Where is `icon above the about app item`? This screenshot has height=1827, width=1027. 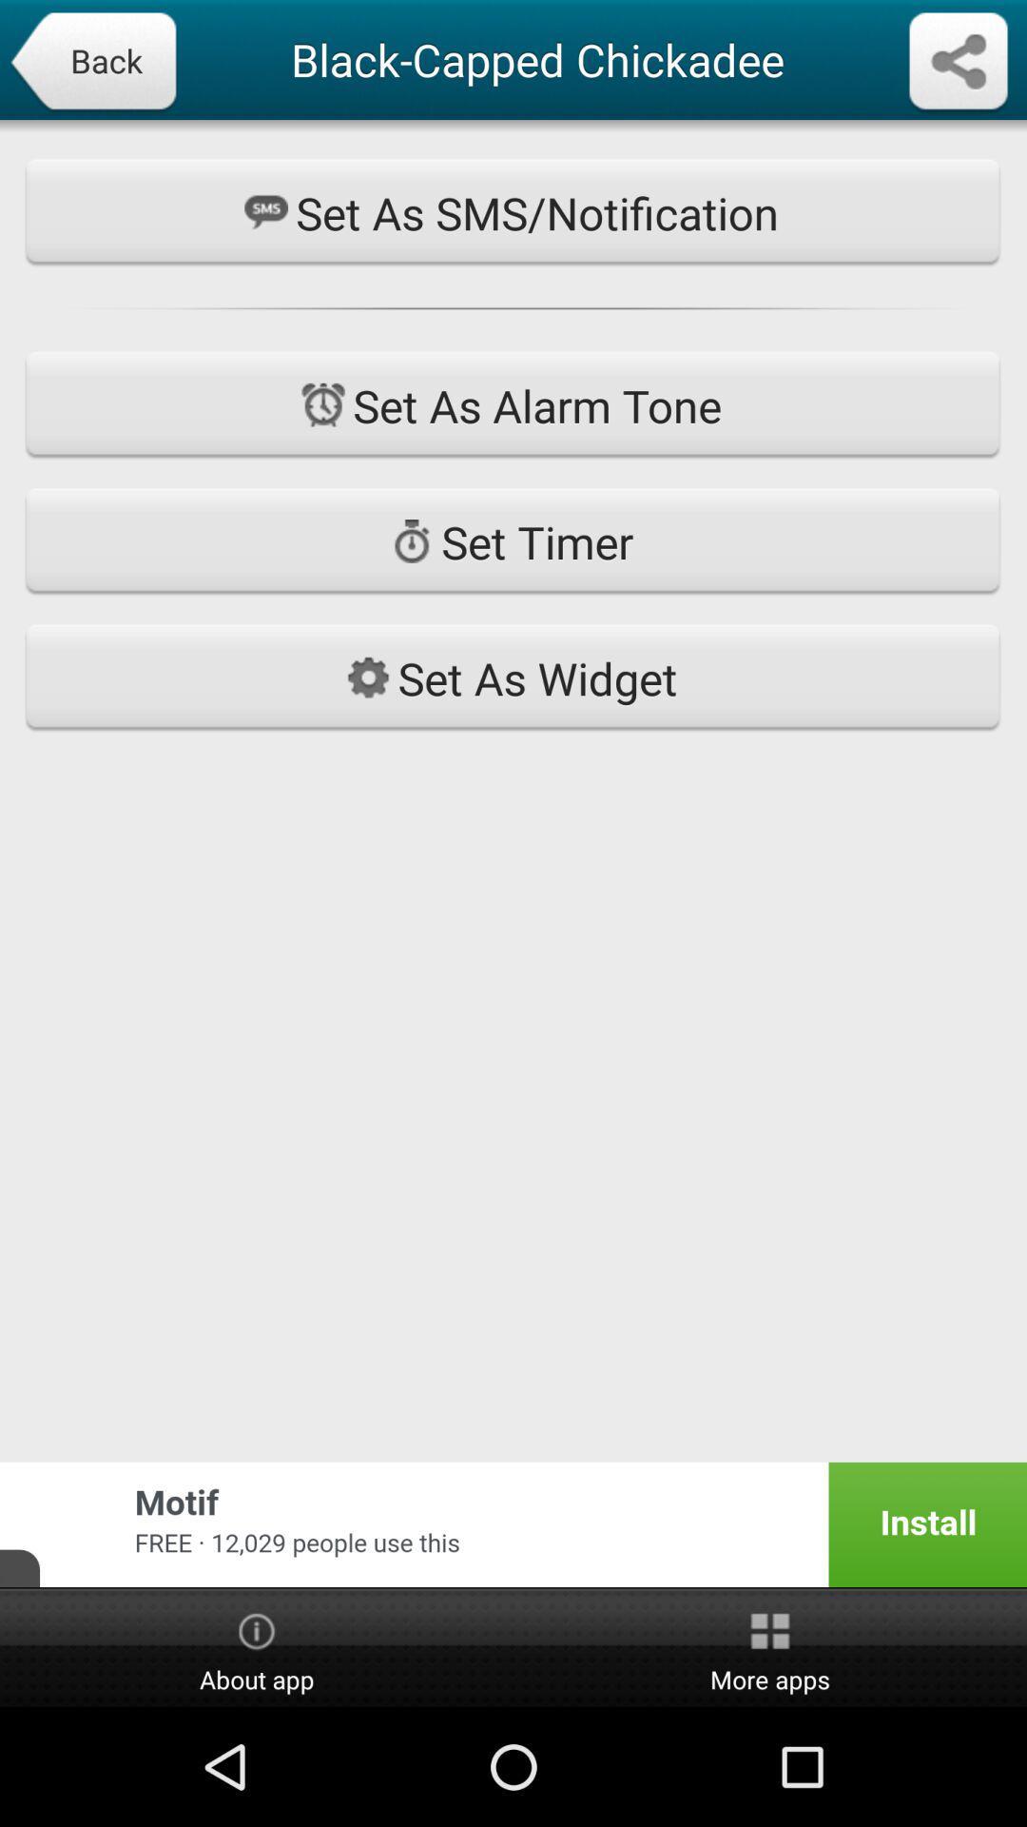
icon above the about app item is located at coordinates (513, 1524).